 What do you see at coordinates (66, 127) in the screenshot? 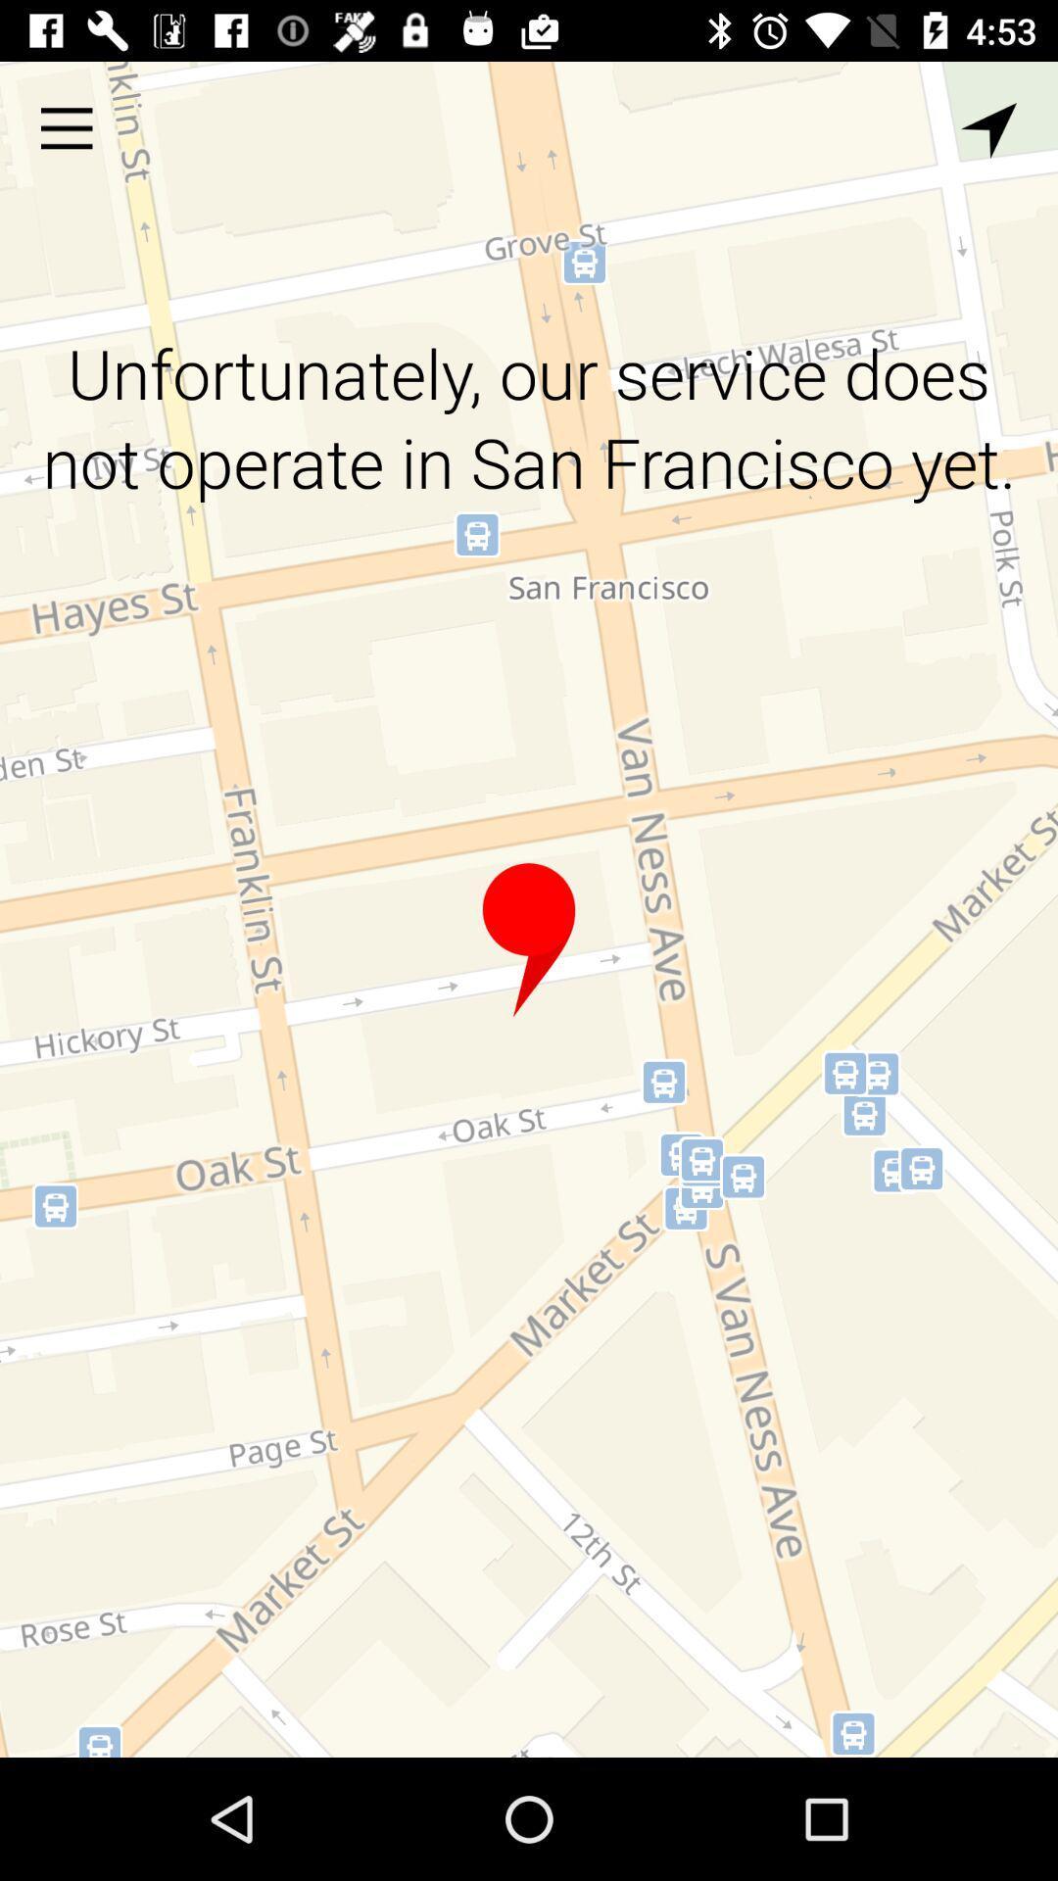
I see `the icon at the top left corner` at bounding box center [66, 127].